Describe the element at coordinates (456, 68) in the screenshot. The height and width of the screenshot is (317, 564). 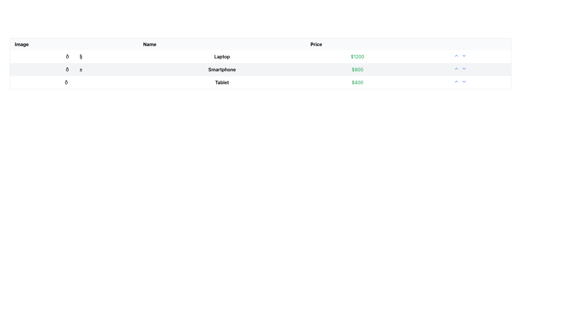
I see `the upward-pointing chevron icon styled in blue, located in the second row of the tabular layout to the right of the price value for the Smartphone item` at that location.